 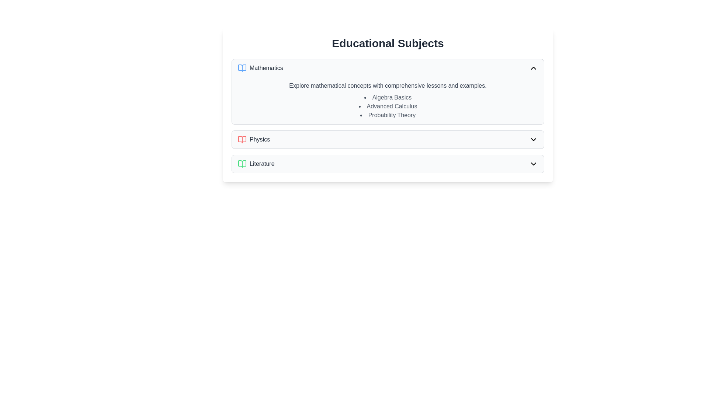 What do you see at coordinates (260, 68) in the screenshot?
I see `the 'Mathematics' label with an open book icon, located in the top-left corner of the category list` at bounding box center [260, 68].